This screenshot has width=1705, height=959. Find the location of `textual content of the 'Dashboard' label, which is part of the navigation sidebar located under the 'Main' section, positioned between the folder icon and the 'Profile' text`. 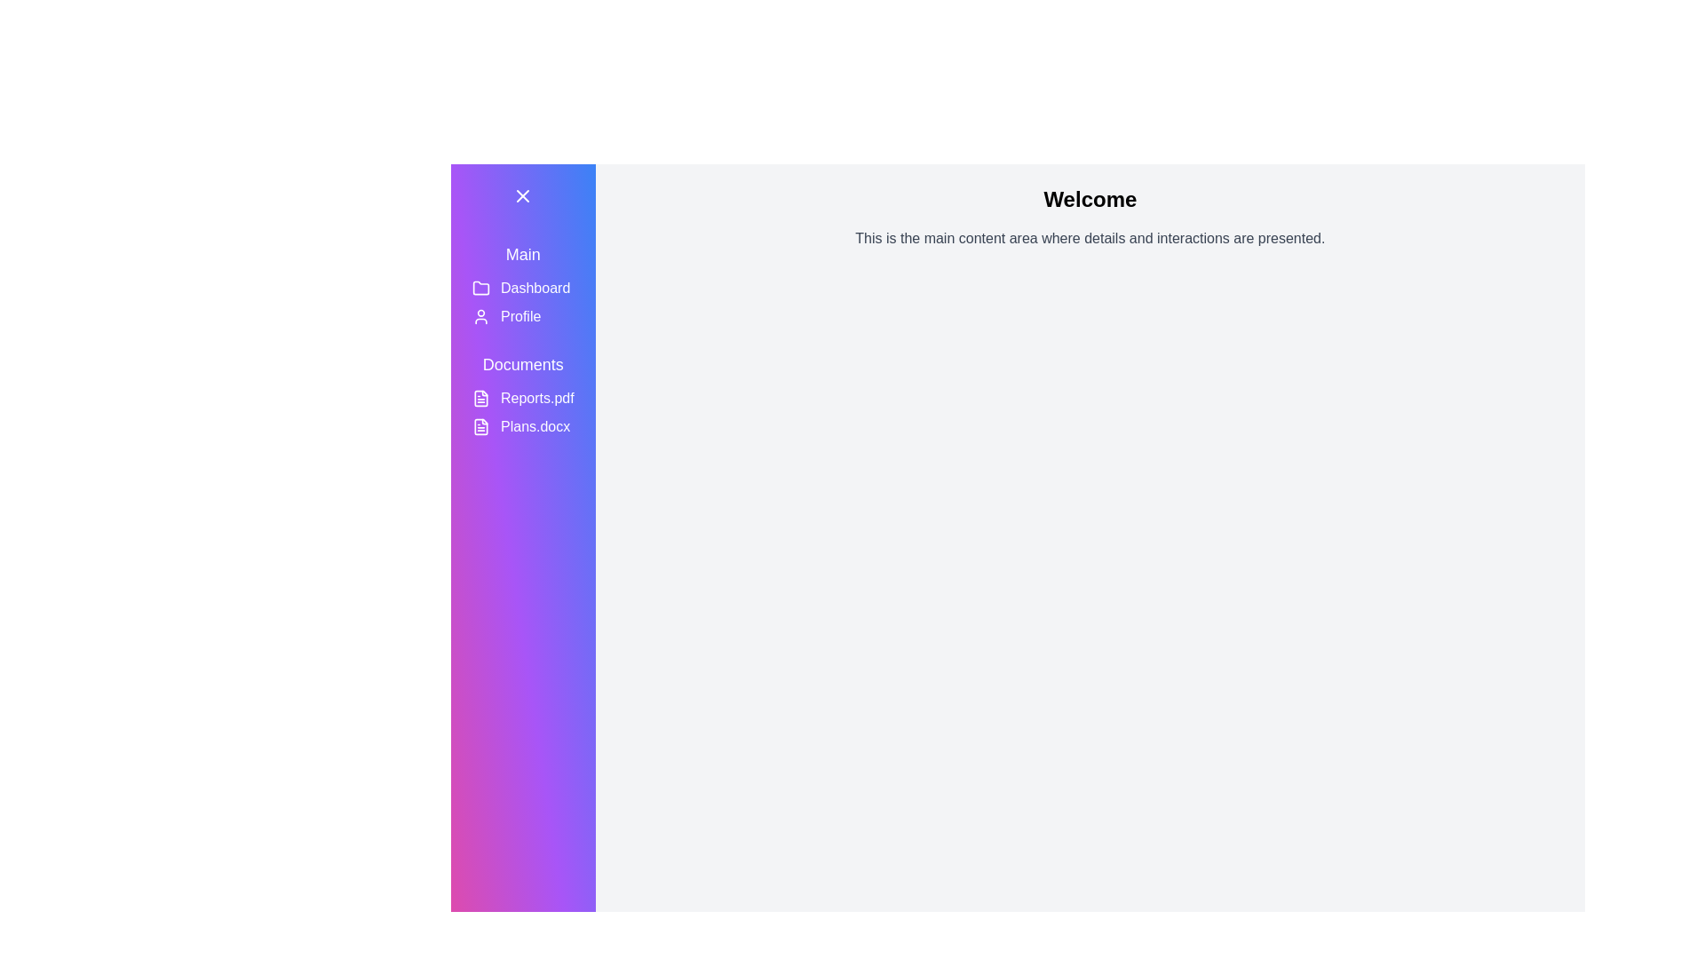

textual content of the 'Dashboard' label, which is part of the navigation sidebar located under the 'Main' section, positioned between the folder icon and the 'Profile' text is located at coordinates (535, 287).